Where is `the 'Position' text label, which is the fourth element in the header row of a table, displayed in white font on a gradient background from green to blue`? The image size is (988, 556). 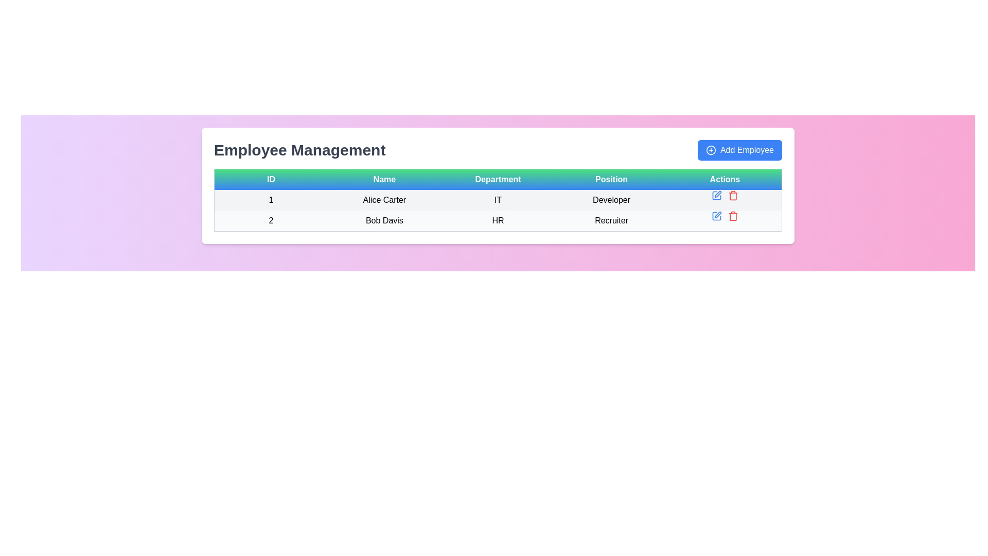 the 'Position' text label, which is the fourth element in the header row of a table, displayed in white font on a gradient background from green to blue is located at coordinates (611, 179).